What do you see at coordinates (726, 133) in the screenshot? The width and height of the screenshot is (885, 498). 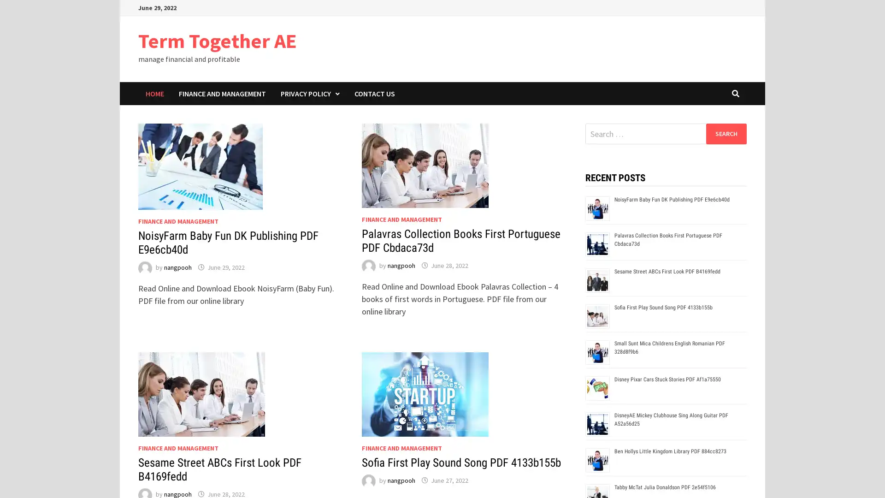 I see `Search` at bounding box center [726, 133].